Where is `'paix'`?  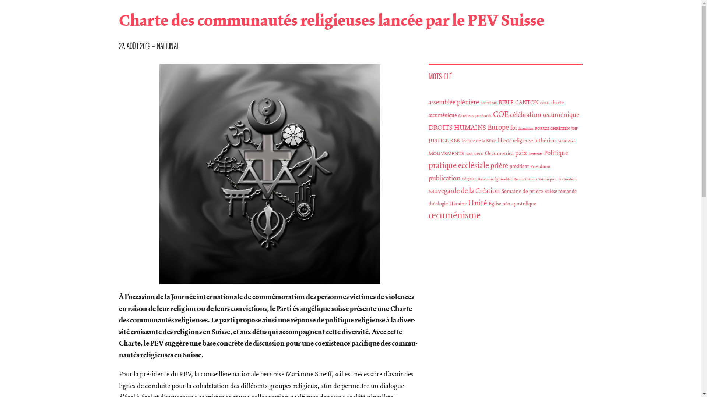 'paix' is located at coordinates (514, 153).